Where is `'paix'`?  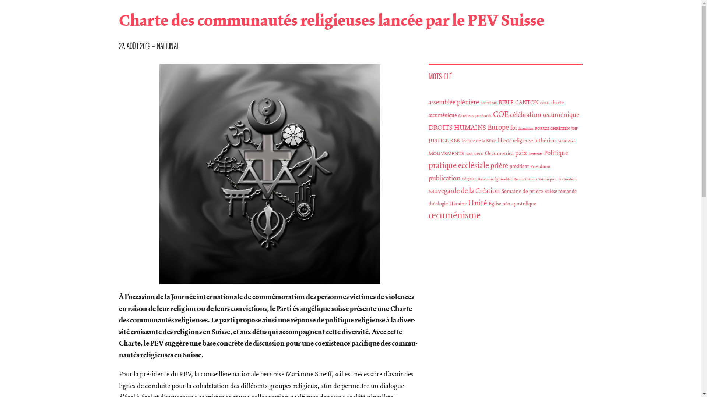 'paix' is located at coordinates (514, 153).